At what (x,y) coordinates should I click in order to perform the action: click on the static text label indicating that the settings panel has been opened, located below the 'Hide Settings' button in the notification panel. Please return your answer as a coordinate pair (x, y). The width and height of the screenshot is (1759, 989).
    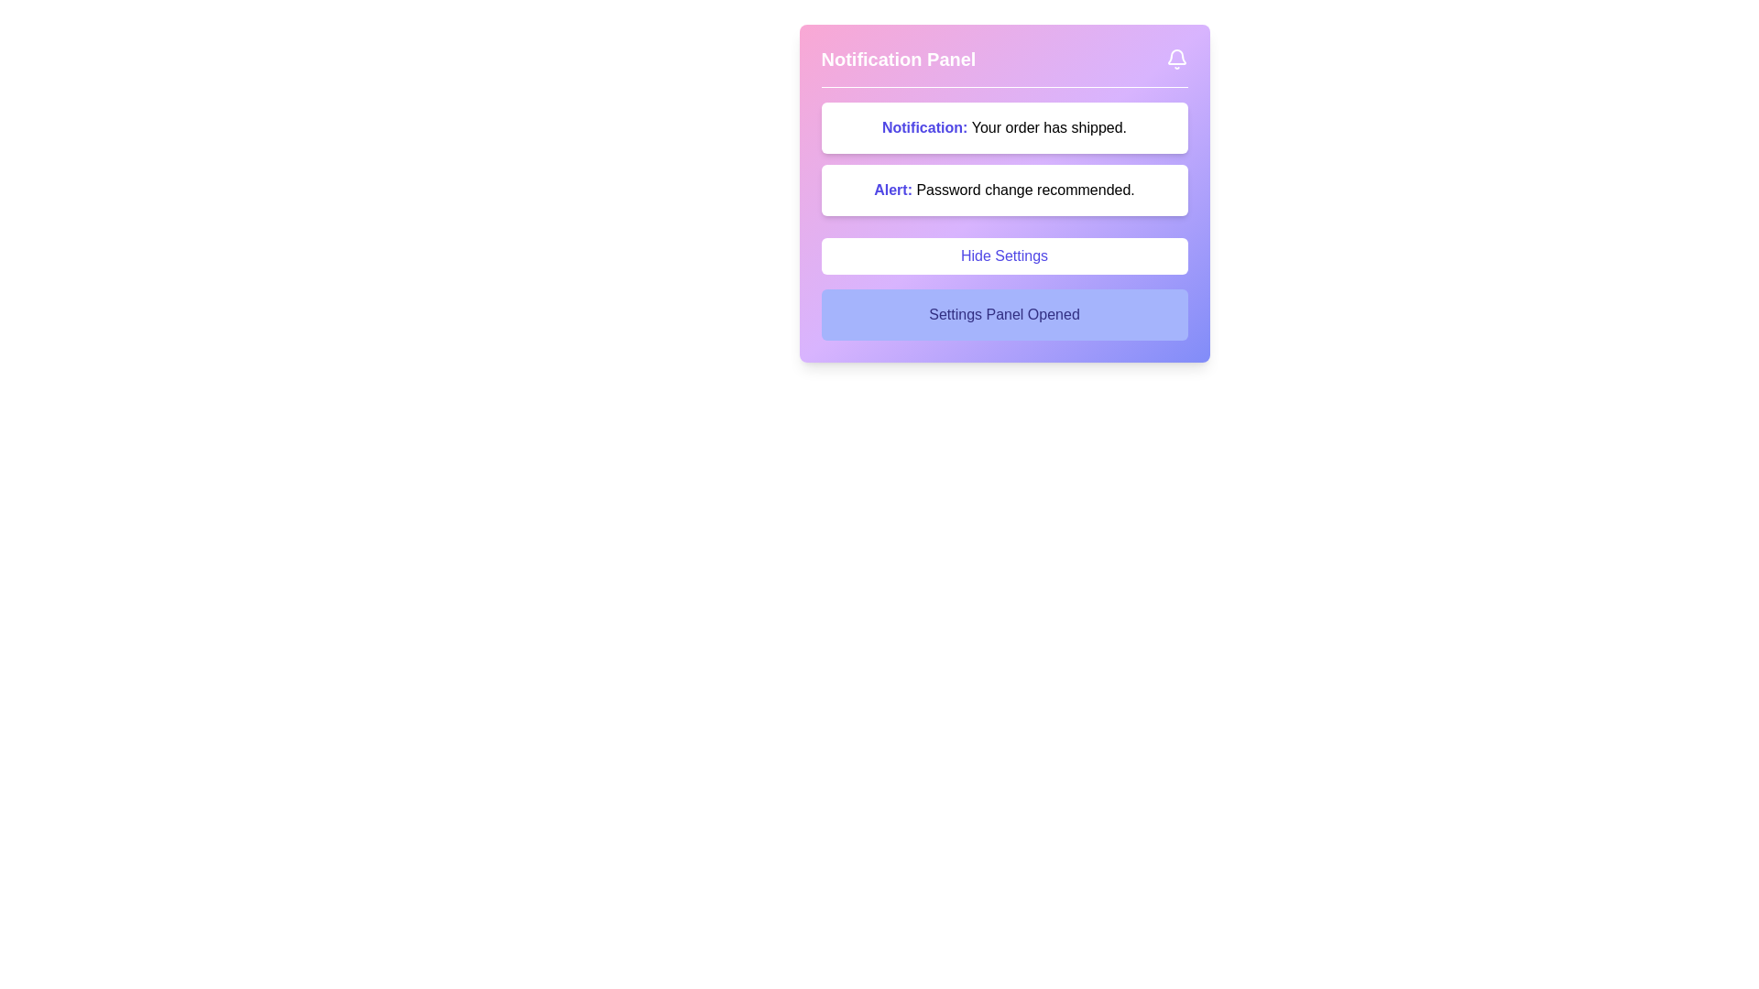
    Looking at the image, I should click on (1003, 313).